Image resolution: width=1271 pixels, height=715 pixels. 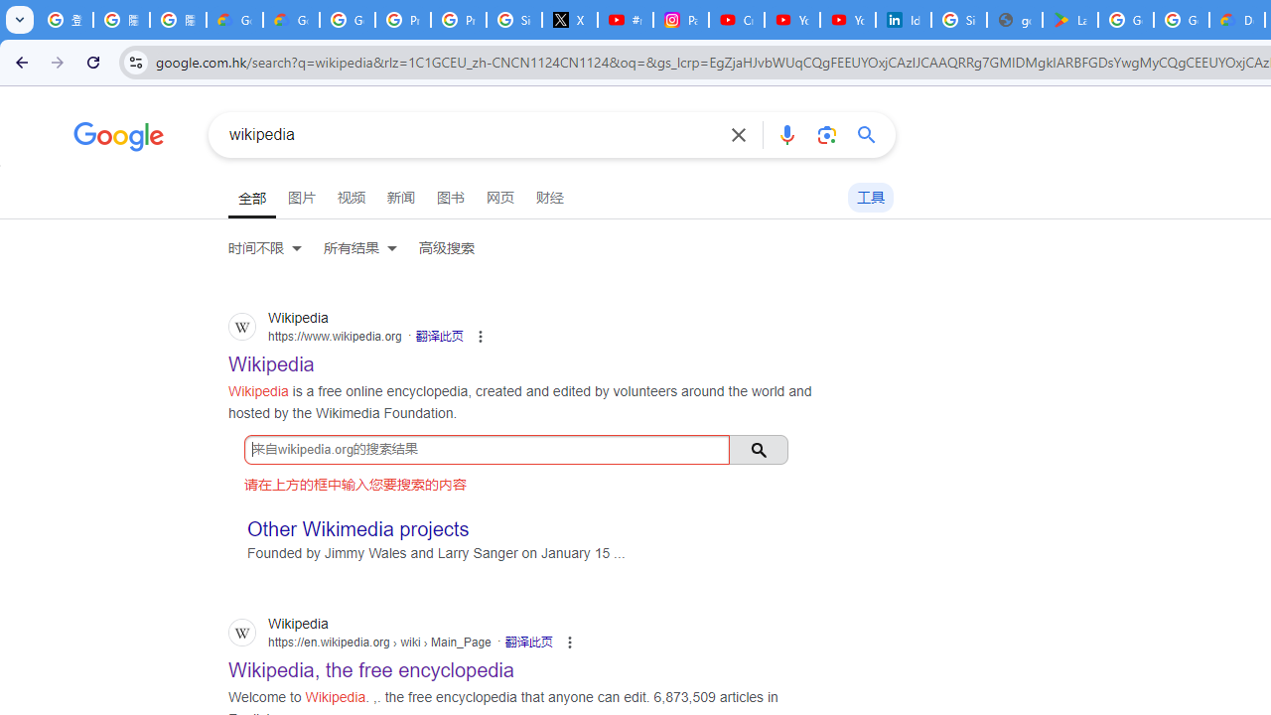 I want to click on 'Google', so click(x=118, y=137).